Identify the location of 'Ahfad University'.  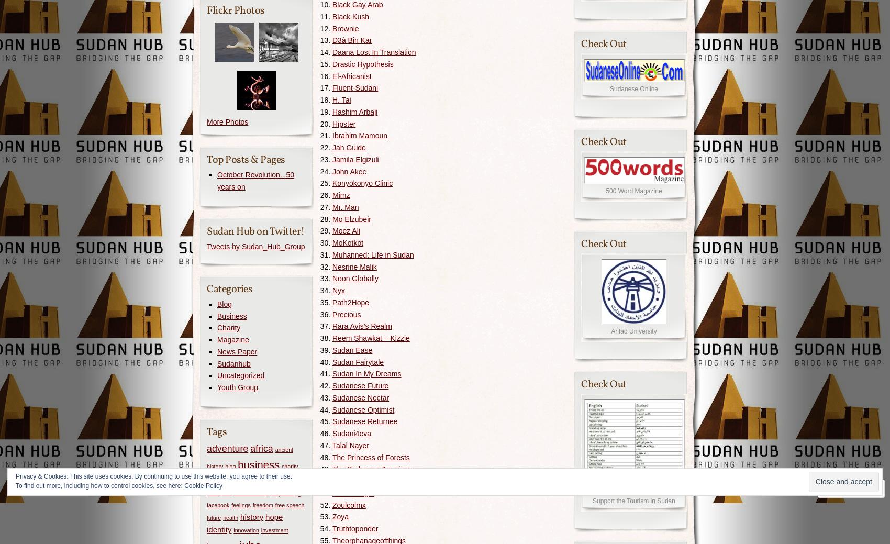
(633, 331).